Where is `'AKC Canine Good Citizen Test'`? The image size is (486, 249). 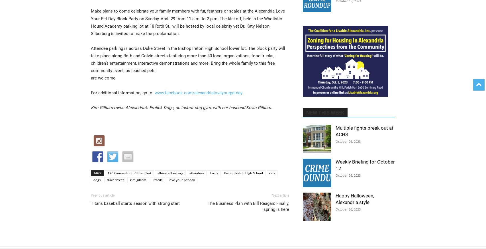
'AKC Canine Good Citizen Test' is located at coordinates (129, 172).